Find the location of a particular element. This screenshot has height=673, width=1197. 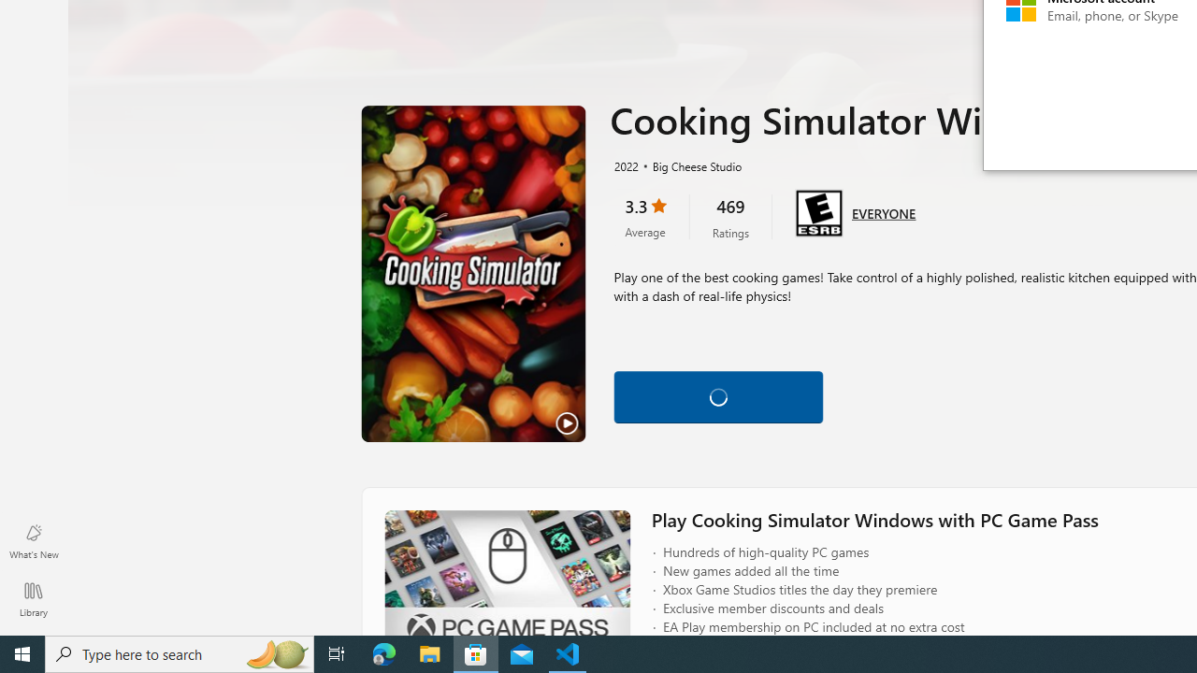

'Play with Game Pass' is located at coordinates (717, 393).